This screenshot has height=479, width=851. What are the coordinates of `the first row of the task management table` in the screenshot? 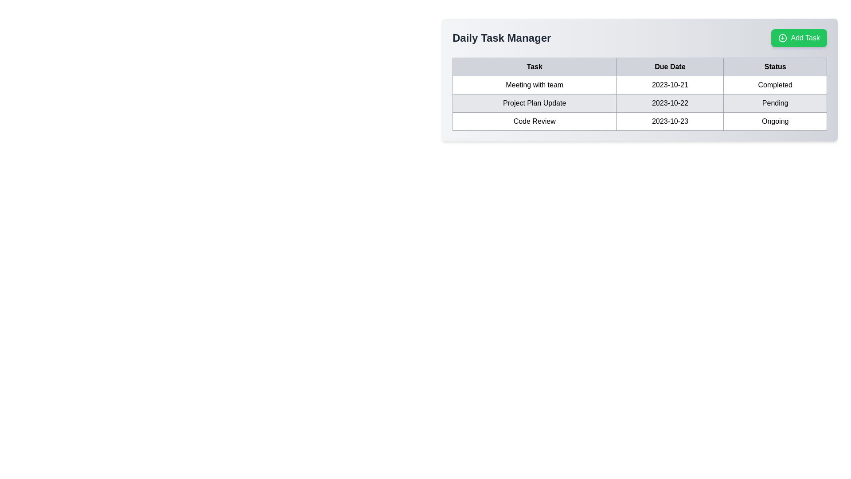 It's located at (640, 80).